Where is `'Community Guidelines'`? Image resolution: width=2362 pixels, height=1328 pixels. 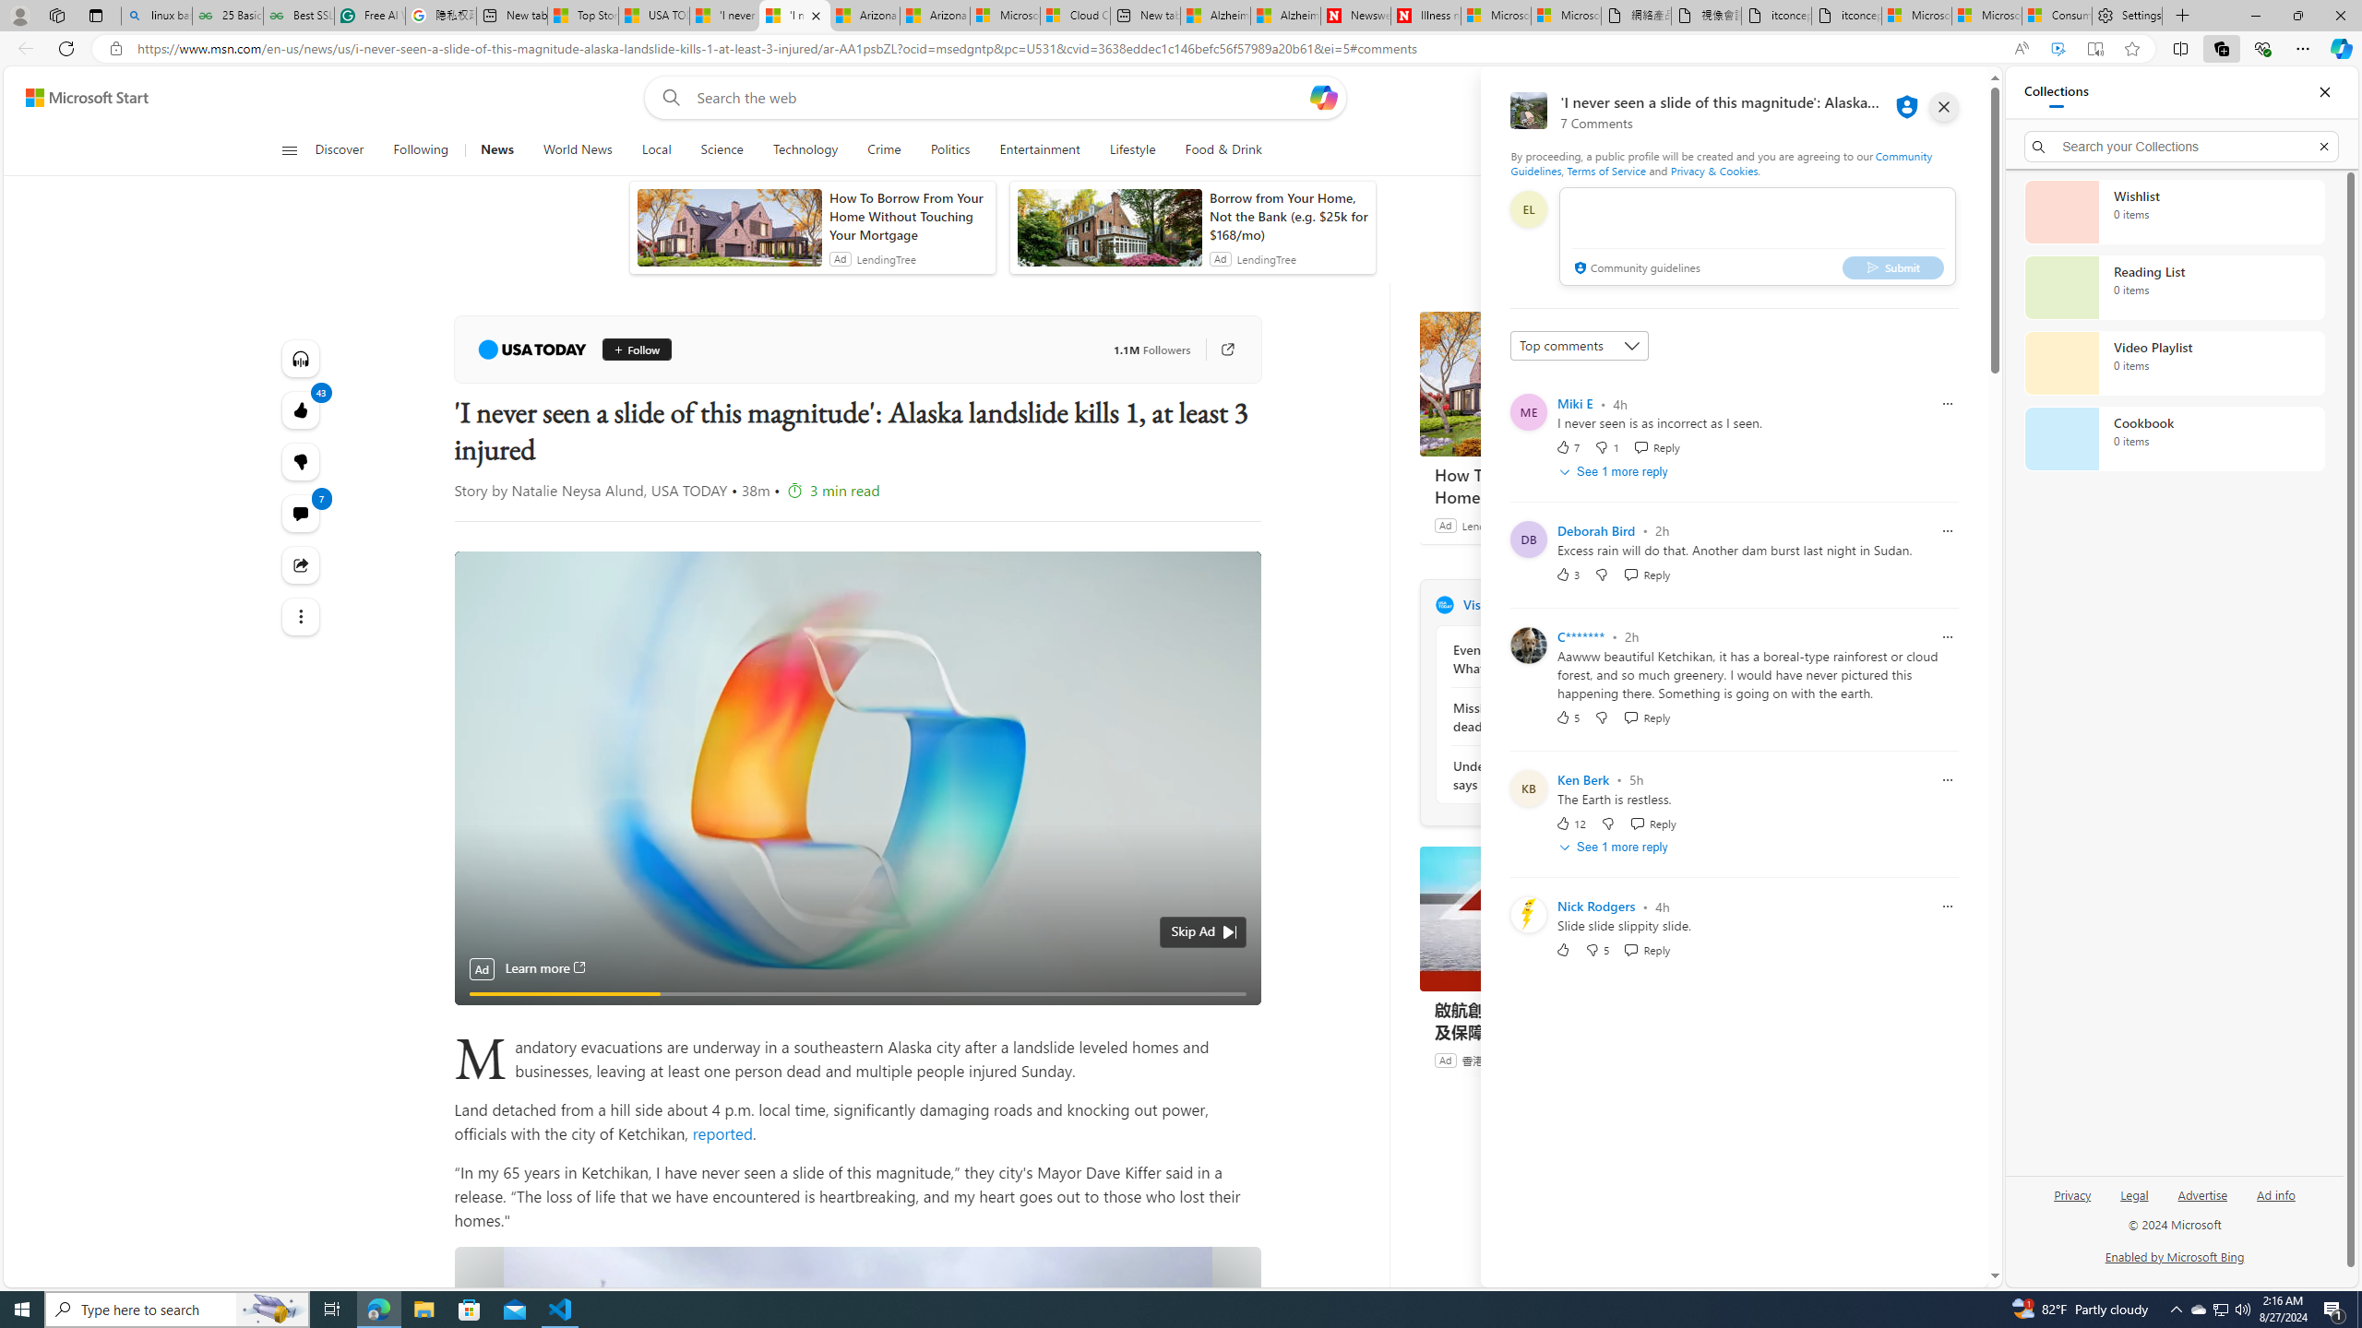 'Community Guidelines' is located at coordinates (1719, 162).